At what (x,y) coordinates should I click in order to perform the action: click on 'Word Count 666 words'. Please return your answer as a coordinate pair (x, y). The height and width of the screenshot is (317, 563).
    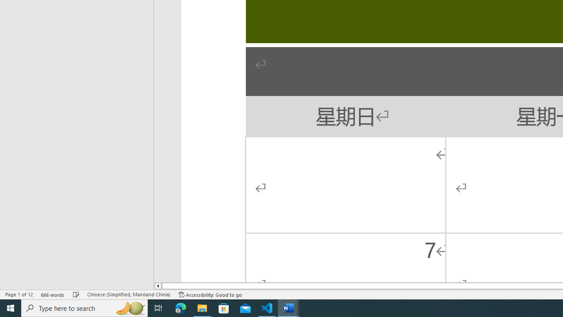
    Looking at the image, I should click on (52, 295).